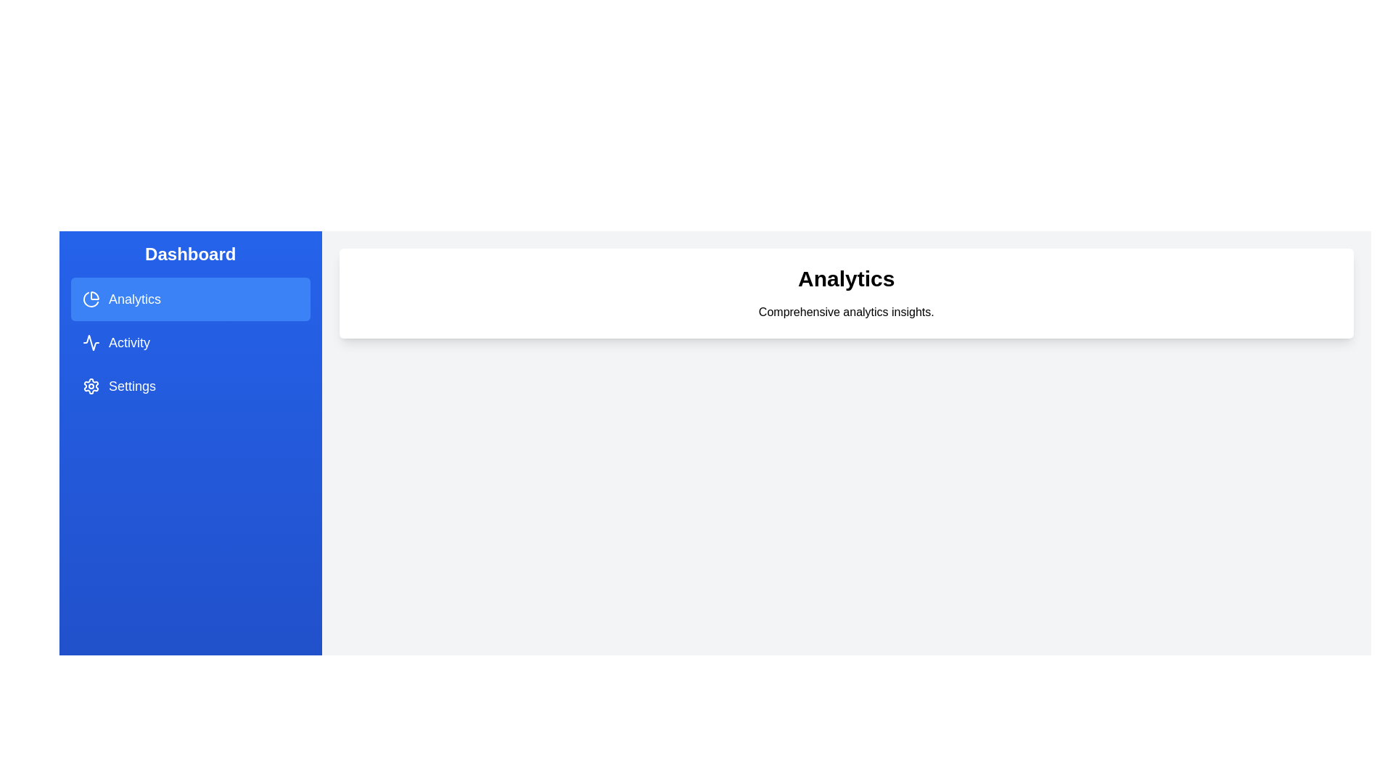 The image size is (1393, 783). Describe the element at coordinates (189, 254) in the screenshot. I see `the static text label or header located at the top-left corner of the navigation menu, which indicates the current section or category of the app` at that location.